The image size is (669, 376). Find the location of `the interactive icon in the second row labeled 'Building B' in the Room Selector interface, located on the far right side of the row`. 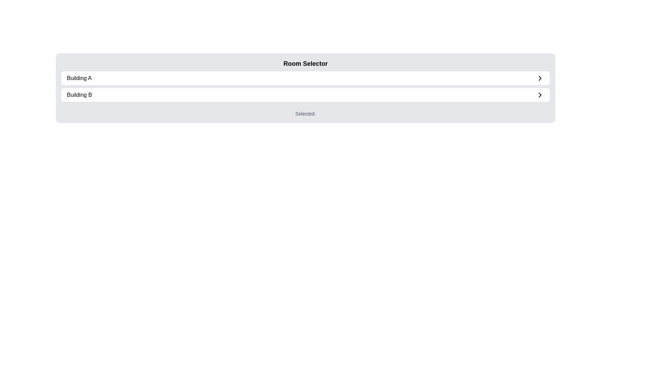

the interactive icon in the second row labeled 'Building B' in the Room Selector interface, located on the far right side of the row is located at coordinates (540, 95).